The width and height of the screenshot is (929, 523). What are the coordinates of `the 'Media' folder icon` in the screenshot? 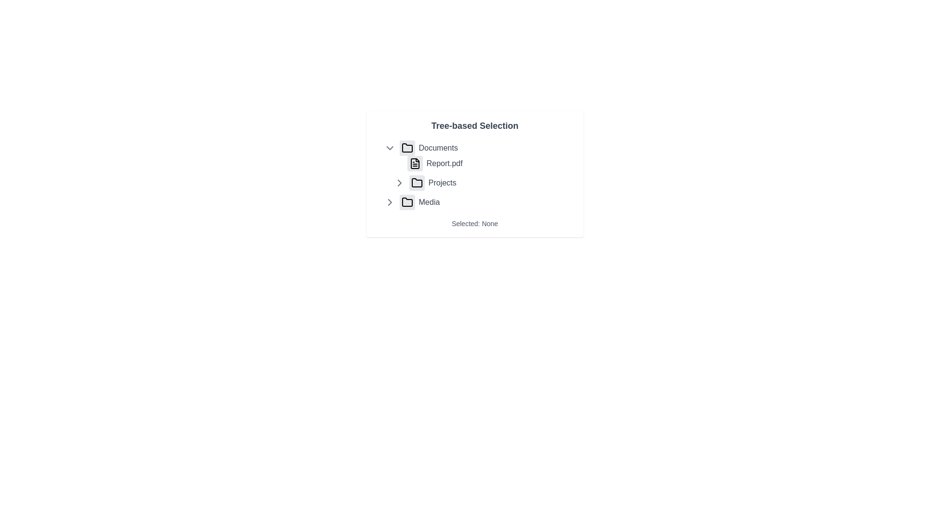 It's located at (407, 201).